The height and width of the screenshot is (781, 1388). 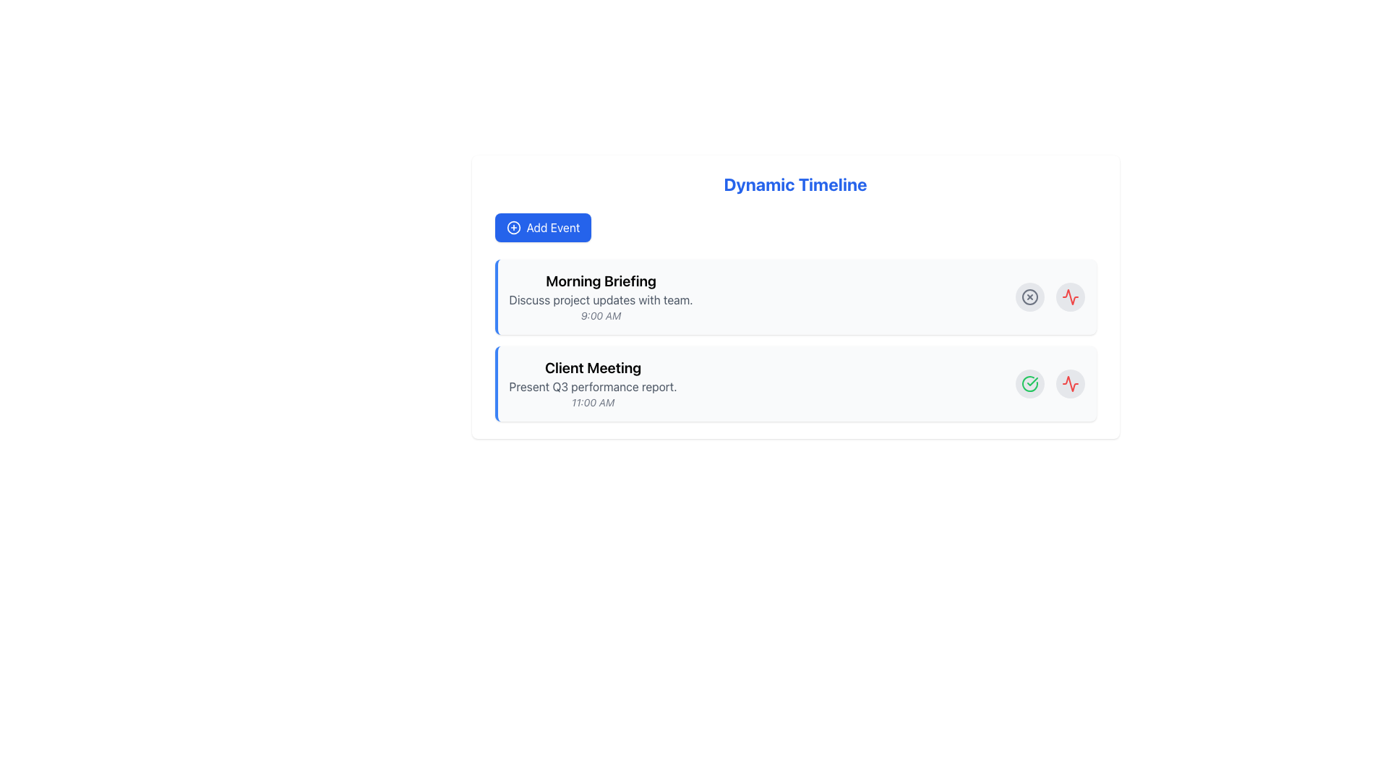 What do you see at coordinates (601, 315) in the screenshot?
I see `the informational timestamp text that provides the scheduled time for the 'Morning Briefing' event, located below the description 'Discuss project updates with team.'` at bounding box center [601, 315].